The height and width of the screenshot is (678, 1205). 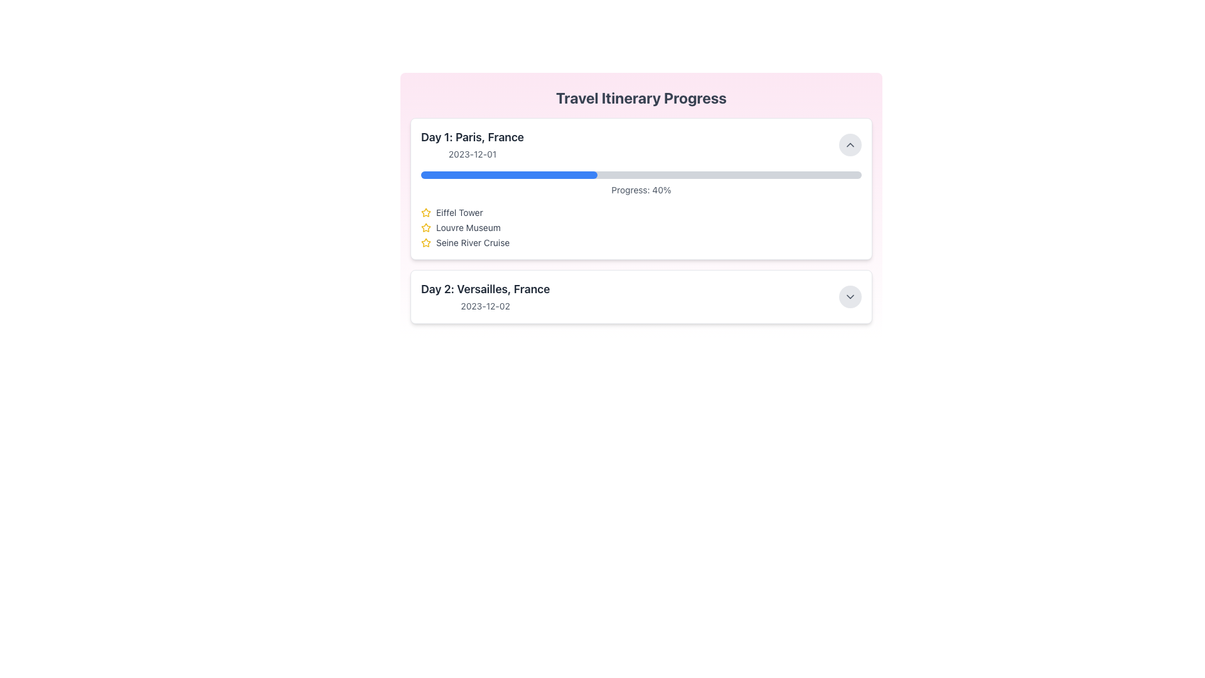 What do you see at coordinates (850, 297) in the screenshot?
I see `the chevron-down icon within the circular button located at the bottom-right edge of the 'Day 2: Versailles, France' card` at bounding box center [850, 297].